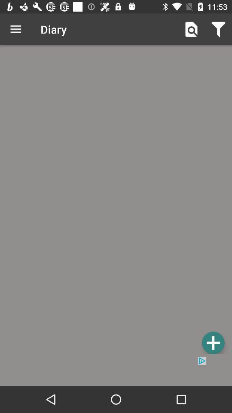 The height and width of the screenshot is (413, 232). What do you see at coordinates (213, 342) in the screenshot?
I see `the icon at the bottom right corner` at bounding box center [213, 342].